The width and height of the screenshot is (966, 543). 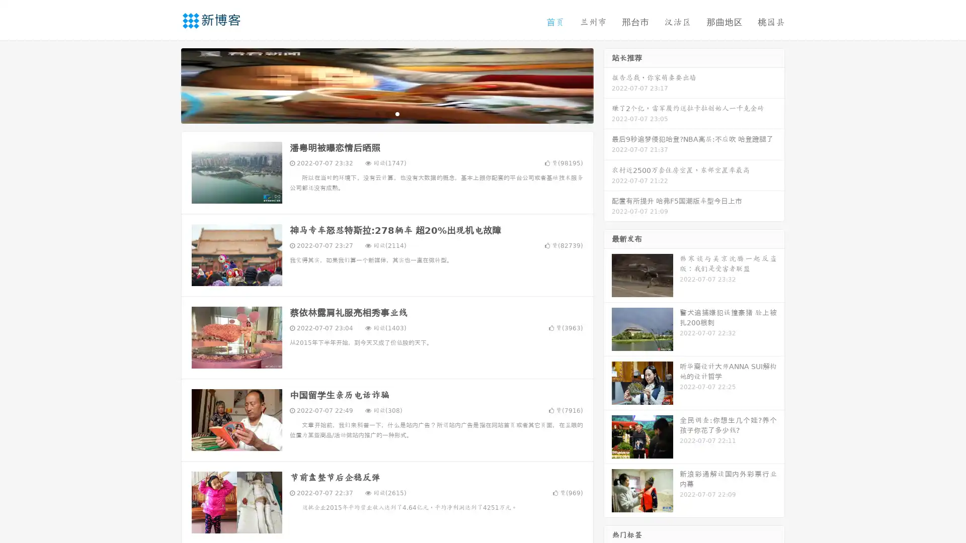 What do you see at coordinates (386, 113) in the screenshot?
I see `Go to slide 2` at bounding box center [386, 113].